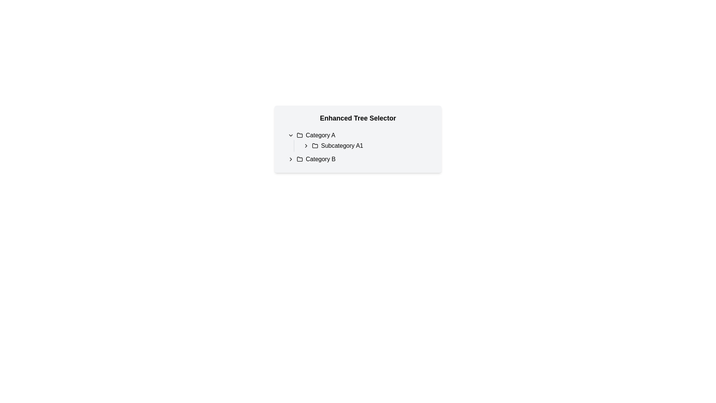  Describe the element at coordinates (315, 145) in the screenshot. I see `the folder icon with a thin outline located next to the label 'Subcategory A1' in the tree selector interface` at that location.